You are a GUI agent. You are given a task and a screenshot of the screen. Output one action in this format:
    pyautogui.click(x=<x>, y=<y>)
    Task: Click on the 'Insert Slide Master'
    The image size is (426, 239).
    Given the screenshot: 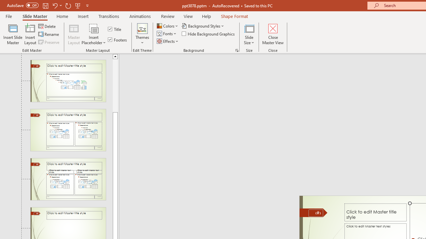 What is the action you would take?
    pyautogui.click(x=13, y=34)
    